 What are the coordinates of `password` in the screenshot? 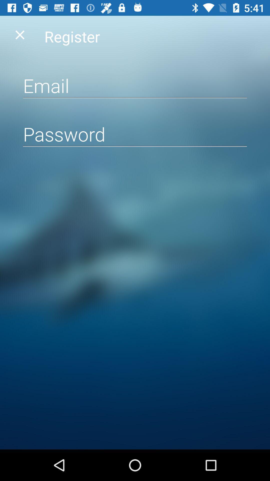 It's located at (135, 134).